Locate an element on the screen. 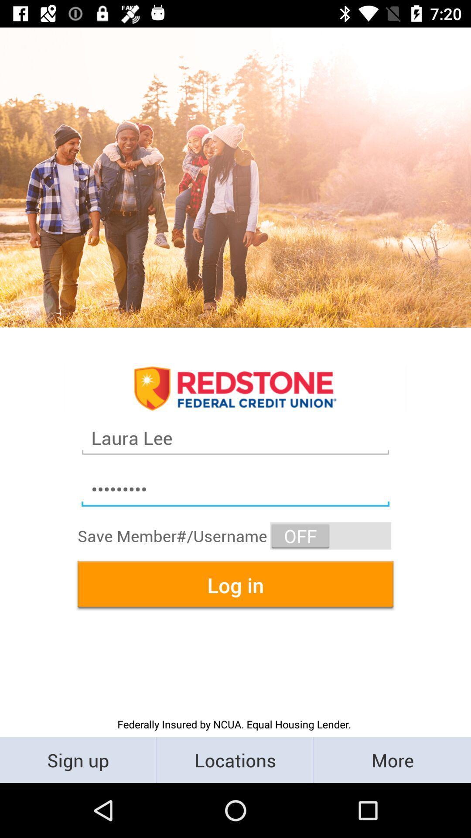  item on the right is located at coordinates (331, 535).